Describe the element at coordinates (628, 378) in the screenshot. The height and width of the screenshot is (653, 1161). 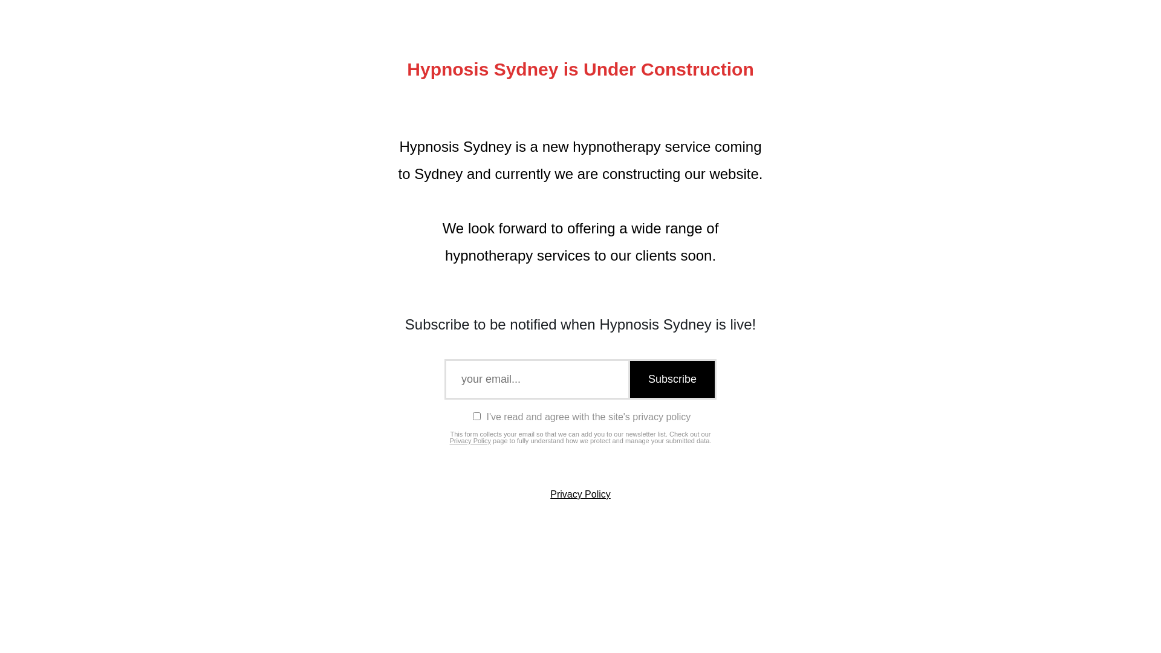
I see `'Subscribe'` at that location.